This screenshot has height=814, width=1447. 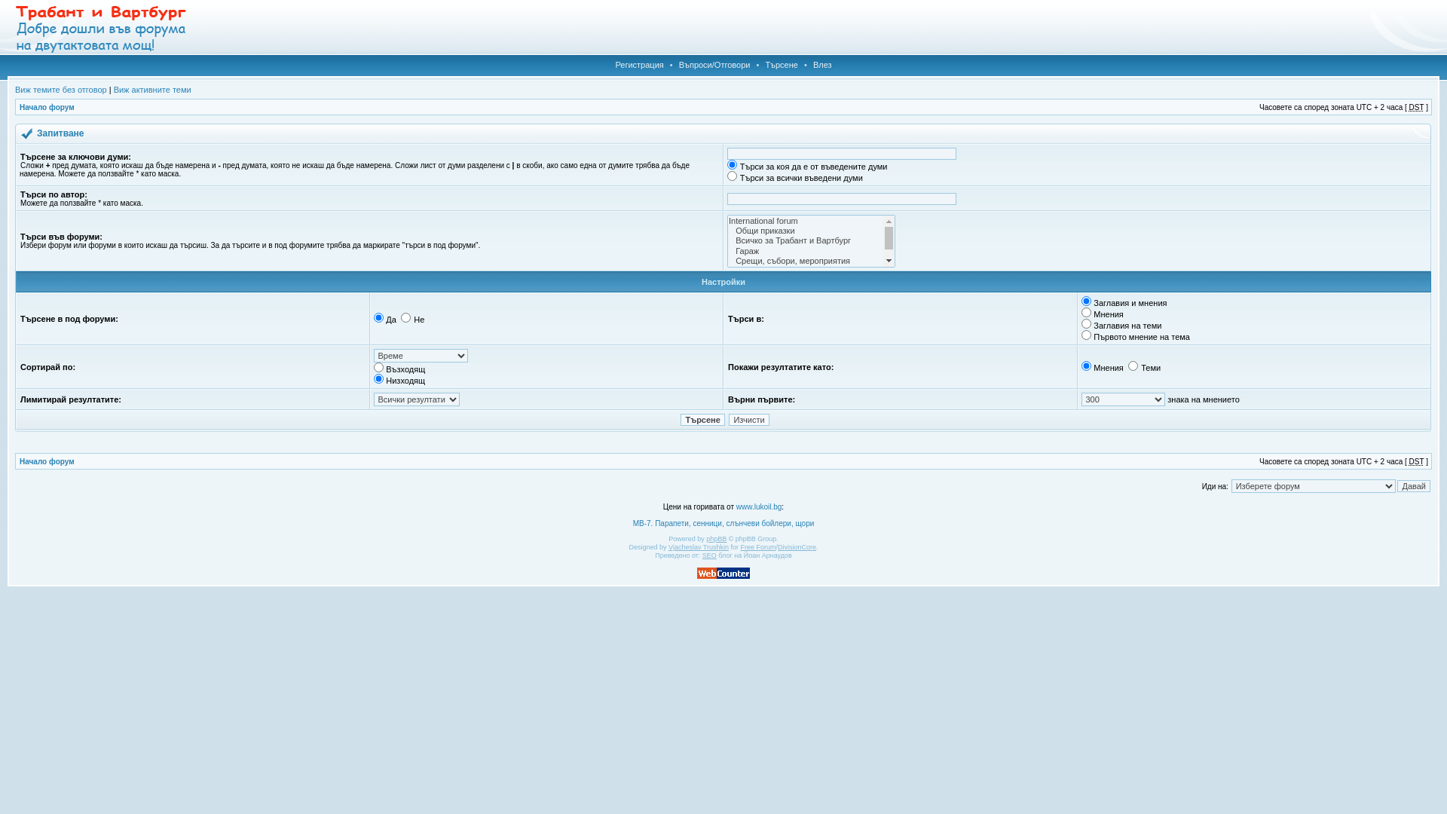 What do you see at coordinates (715, 537) in the screenshot?
I see `'phpBB'` at bounding box center [715, 537].